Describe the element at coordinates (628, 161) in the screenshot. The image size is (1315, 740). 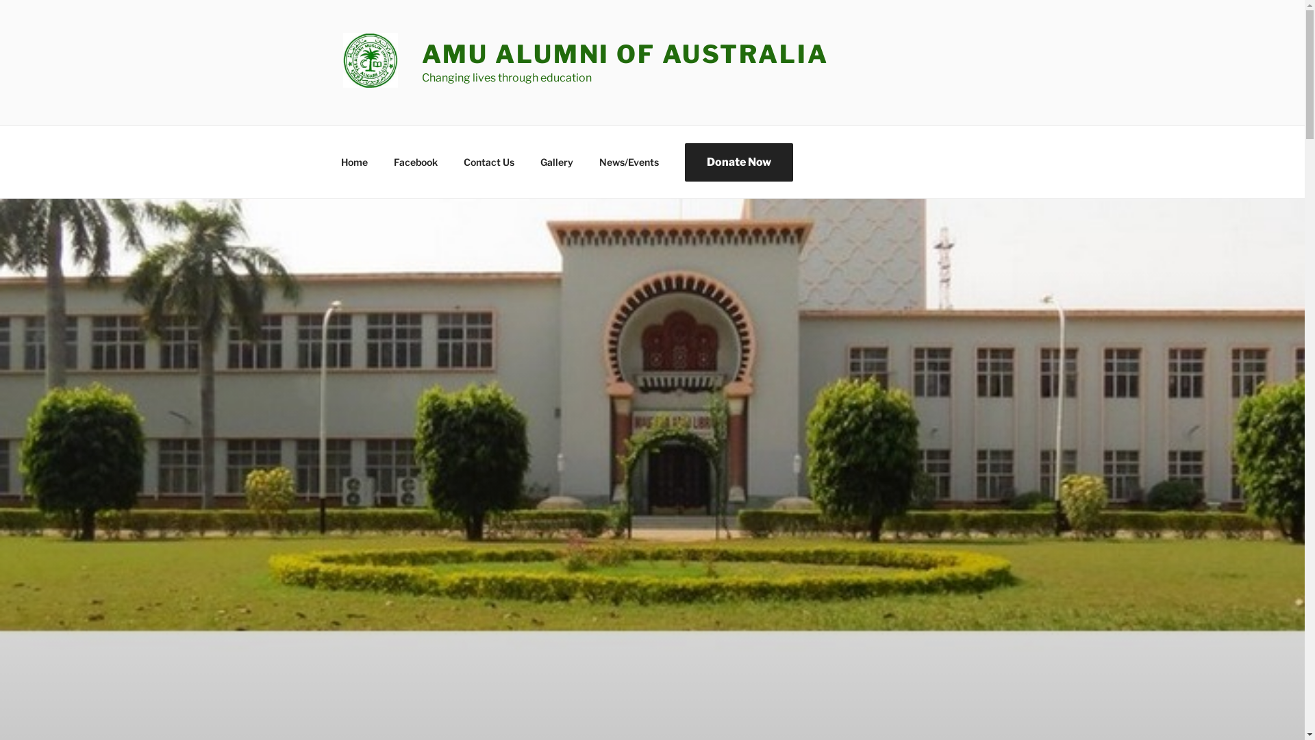
I see `'News/Events'` at that location.